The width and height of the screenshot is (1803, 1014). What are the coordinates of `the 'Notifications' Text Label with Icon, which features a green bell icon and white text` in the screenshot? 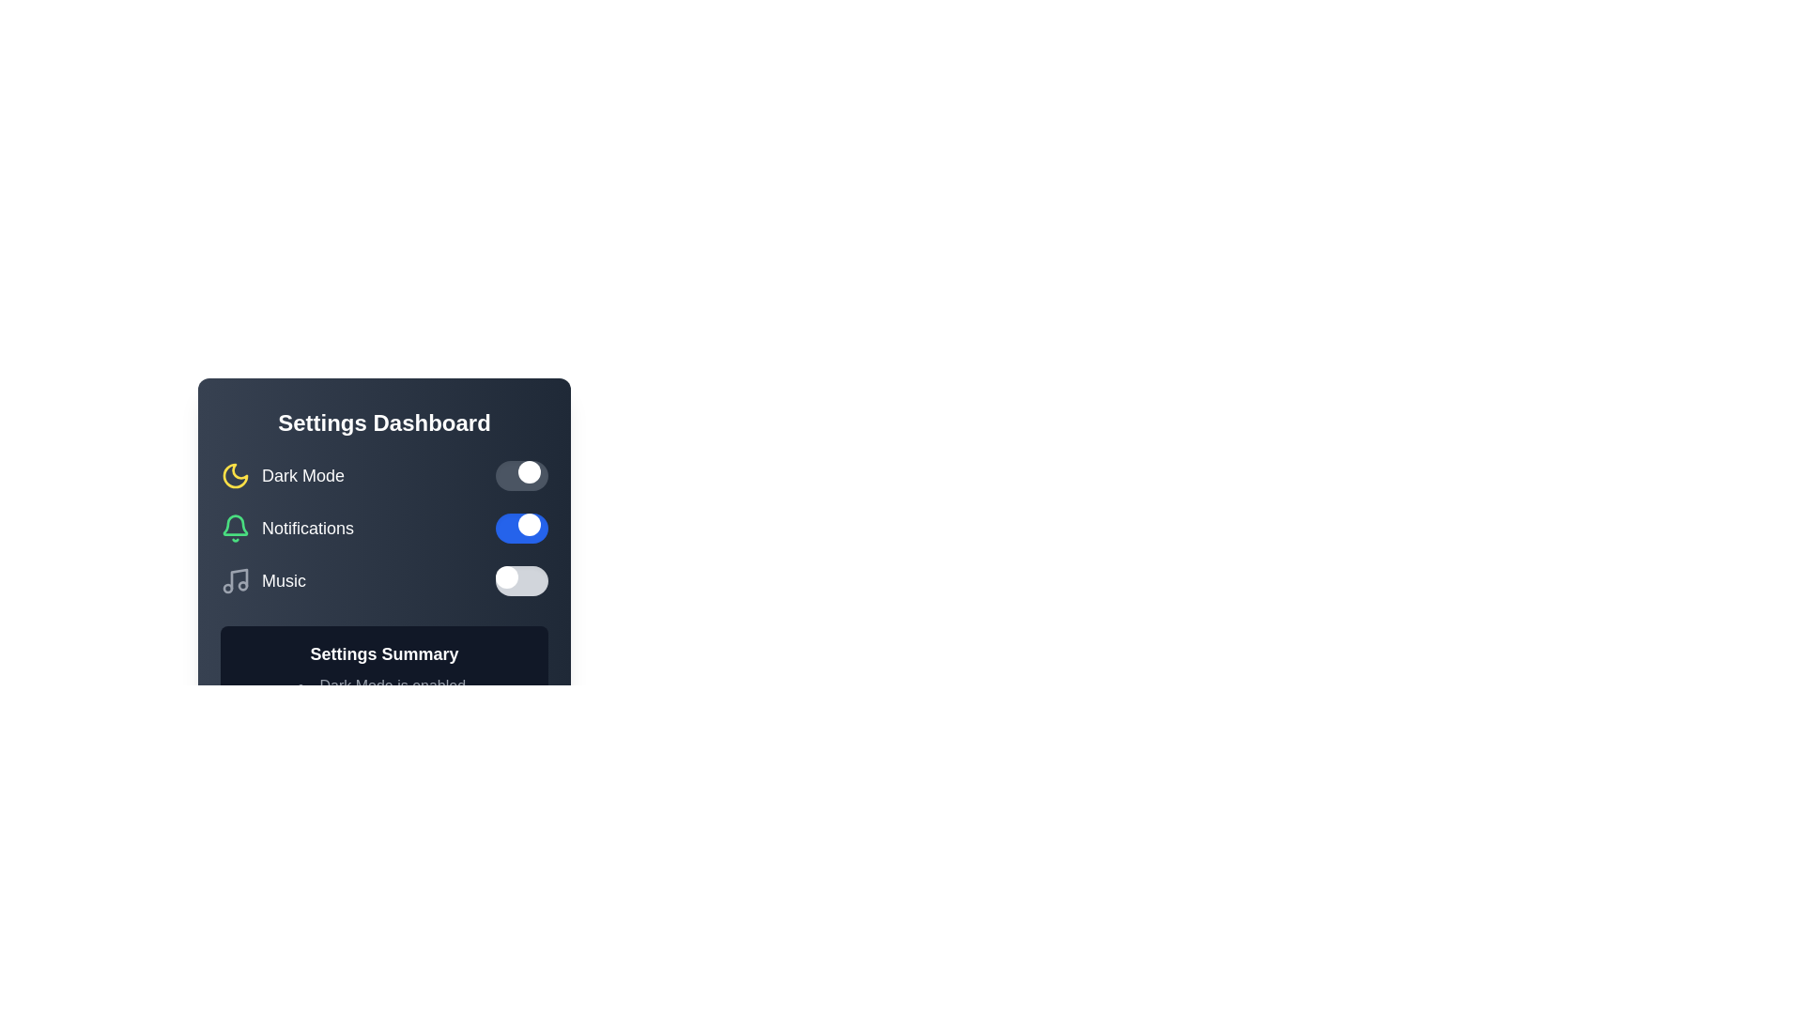 It's located at (286, 529).